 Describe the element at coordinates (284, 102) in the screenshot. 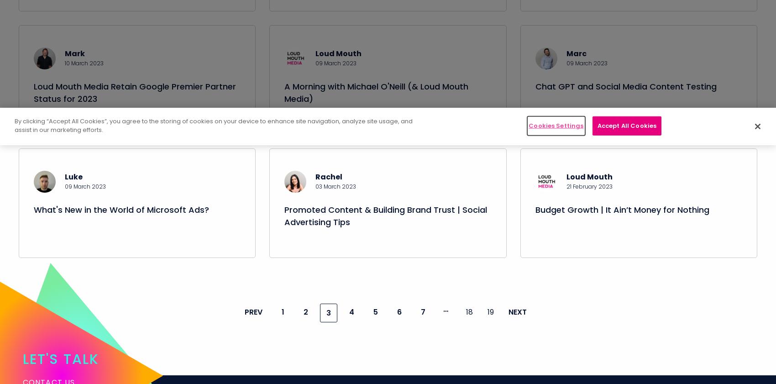

I see `'A Morning with Michael O'Neill (& Loud Mouth Media)'` at that location.